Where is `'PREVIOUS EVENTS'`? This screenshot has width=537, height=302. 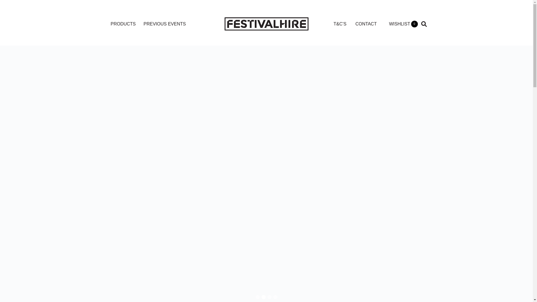
'PREVIOUS EVENTS' is located at coordinates (164, 23).